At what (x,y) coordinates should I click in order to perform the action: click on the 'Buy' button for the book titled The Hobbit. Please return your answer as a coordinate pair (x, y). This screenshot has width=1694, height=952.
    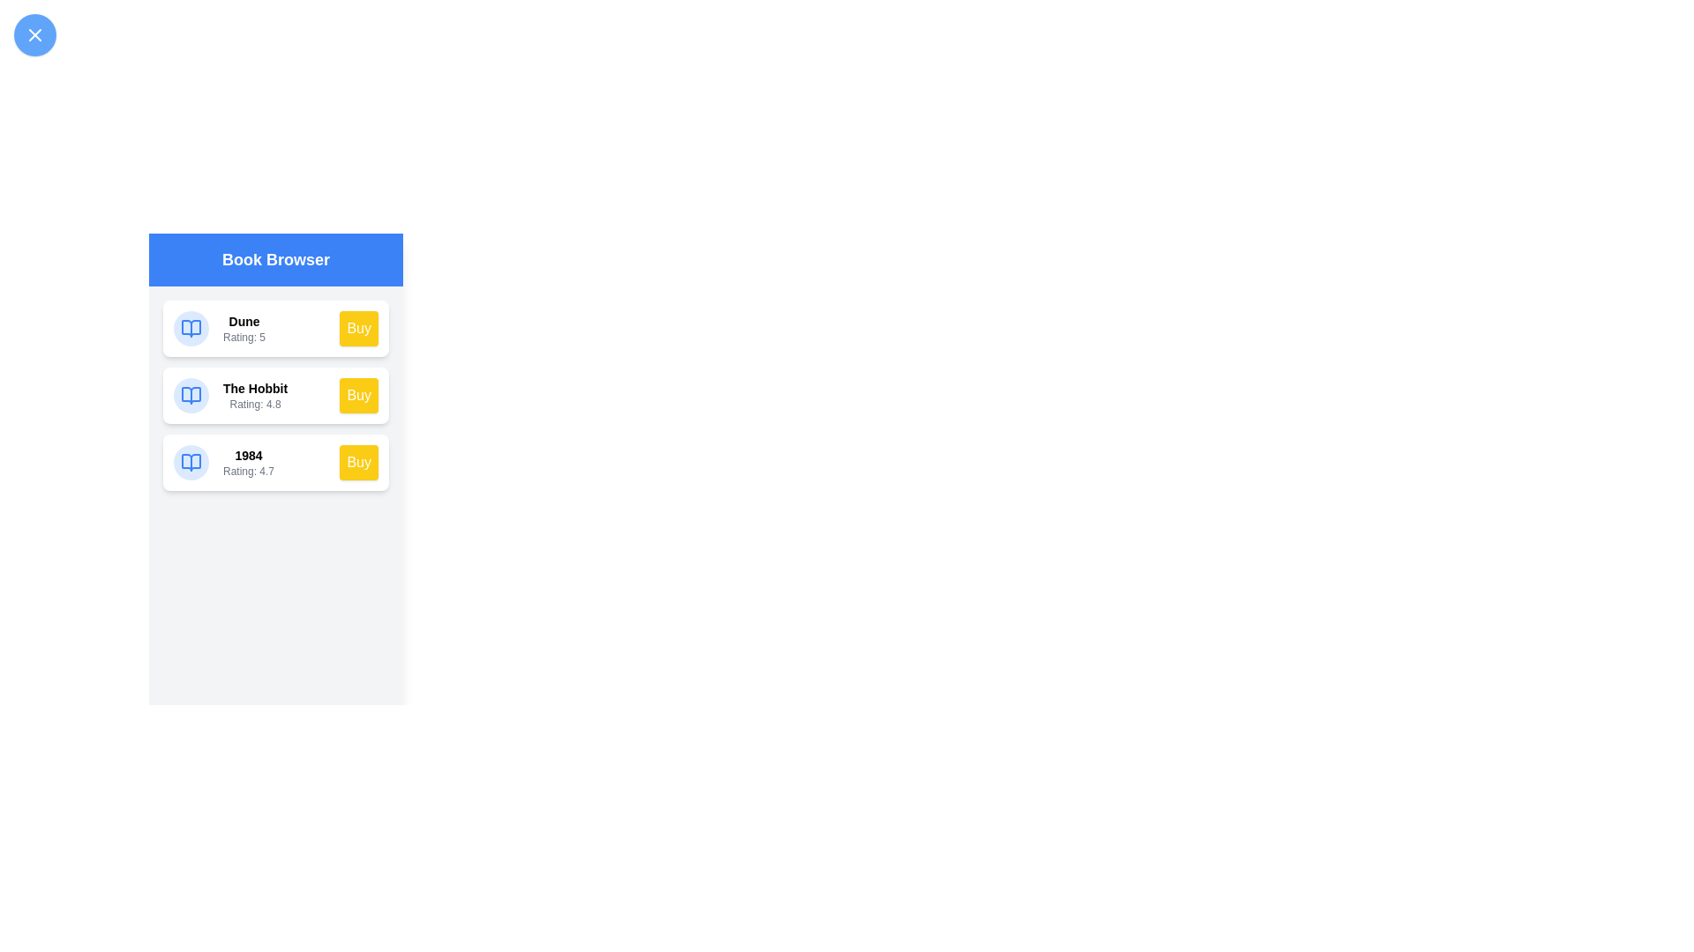
    Looking at the image, I should click on (358, 394).